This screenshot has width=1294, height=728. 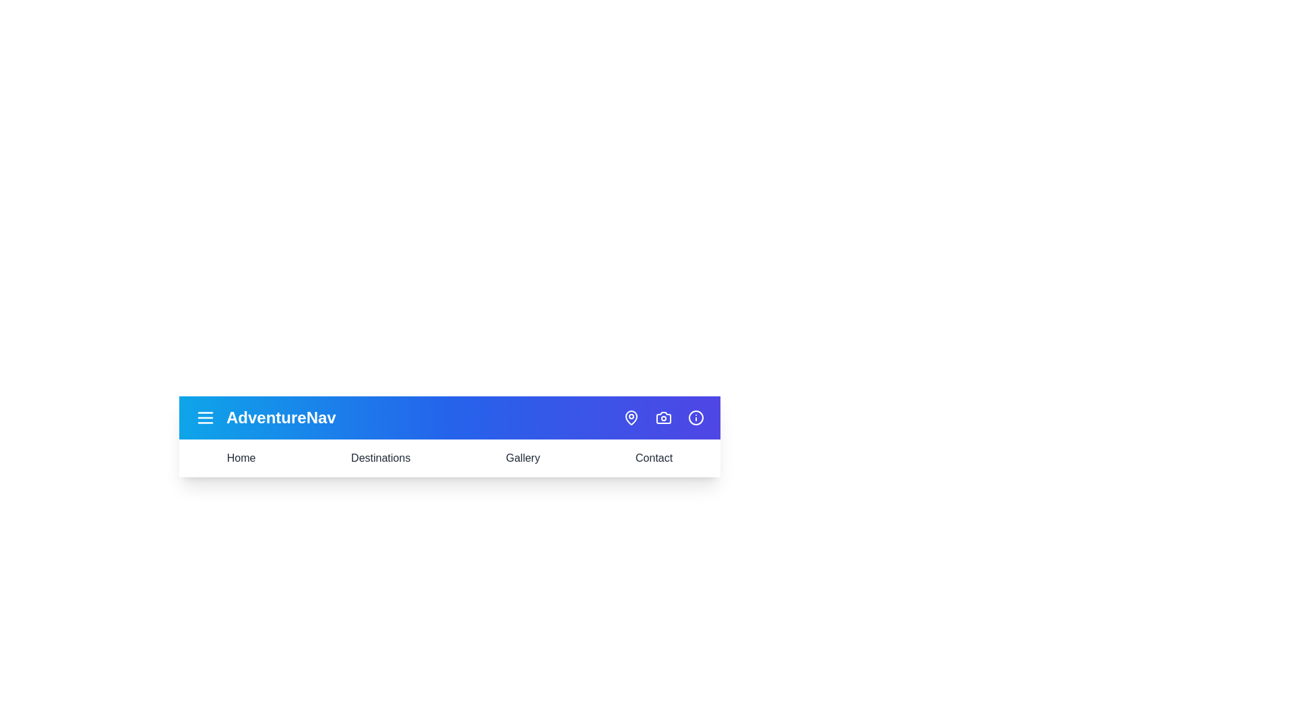 What do you see at coordinates (653, 457) in the screenshot?
I see `the menu item labeled Contact to navigate to the corresponding section` at bounding box center [653, 457].